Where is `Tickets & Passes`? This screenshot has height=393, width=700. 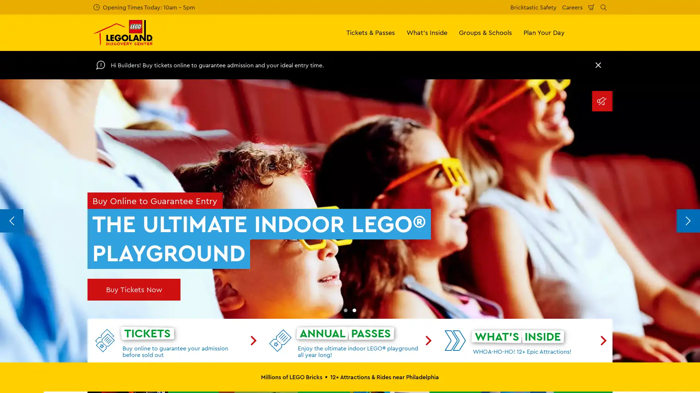 Tickets & Passes is located at coordinates (370, 32).